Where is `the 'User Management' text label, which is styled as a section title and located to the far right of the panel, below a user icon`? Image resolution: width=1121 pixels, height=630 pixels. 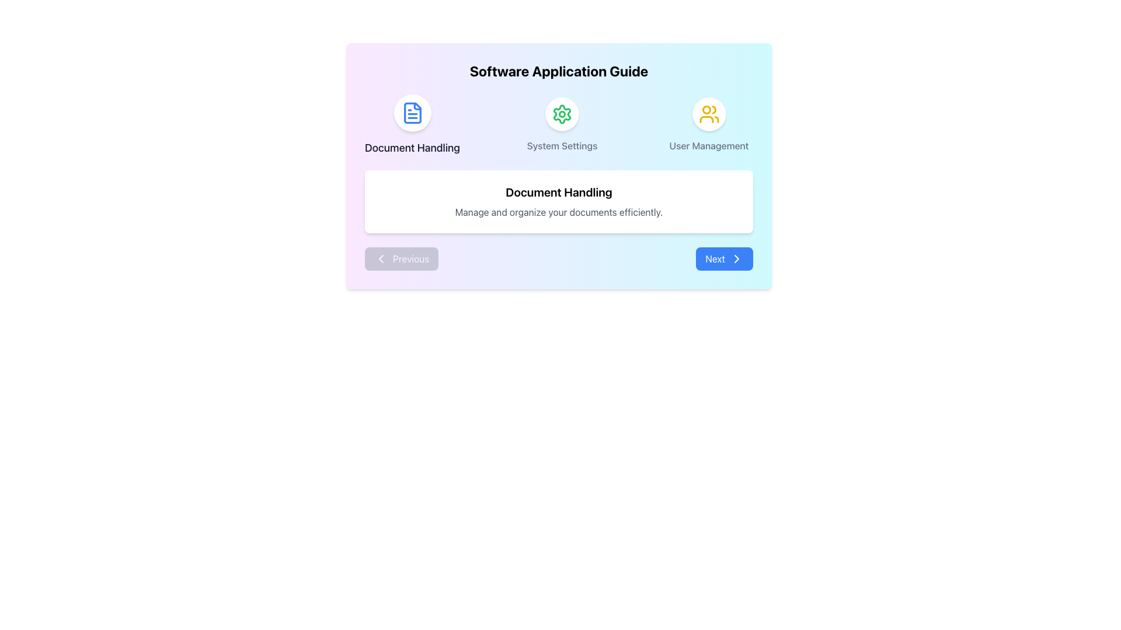 the 'User Management' text label, which is styled as a section title and located to the far right of the panel, below a user icon is located at coordinates (708, 145).